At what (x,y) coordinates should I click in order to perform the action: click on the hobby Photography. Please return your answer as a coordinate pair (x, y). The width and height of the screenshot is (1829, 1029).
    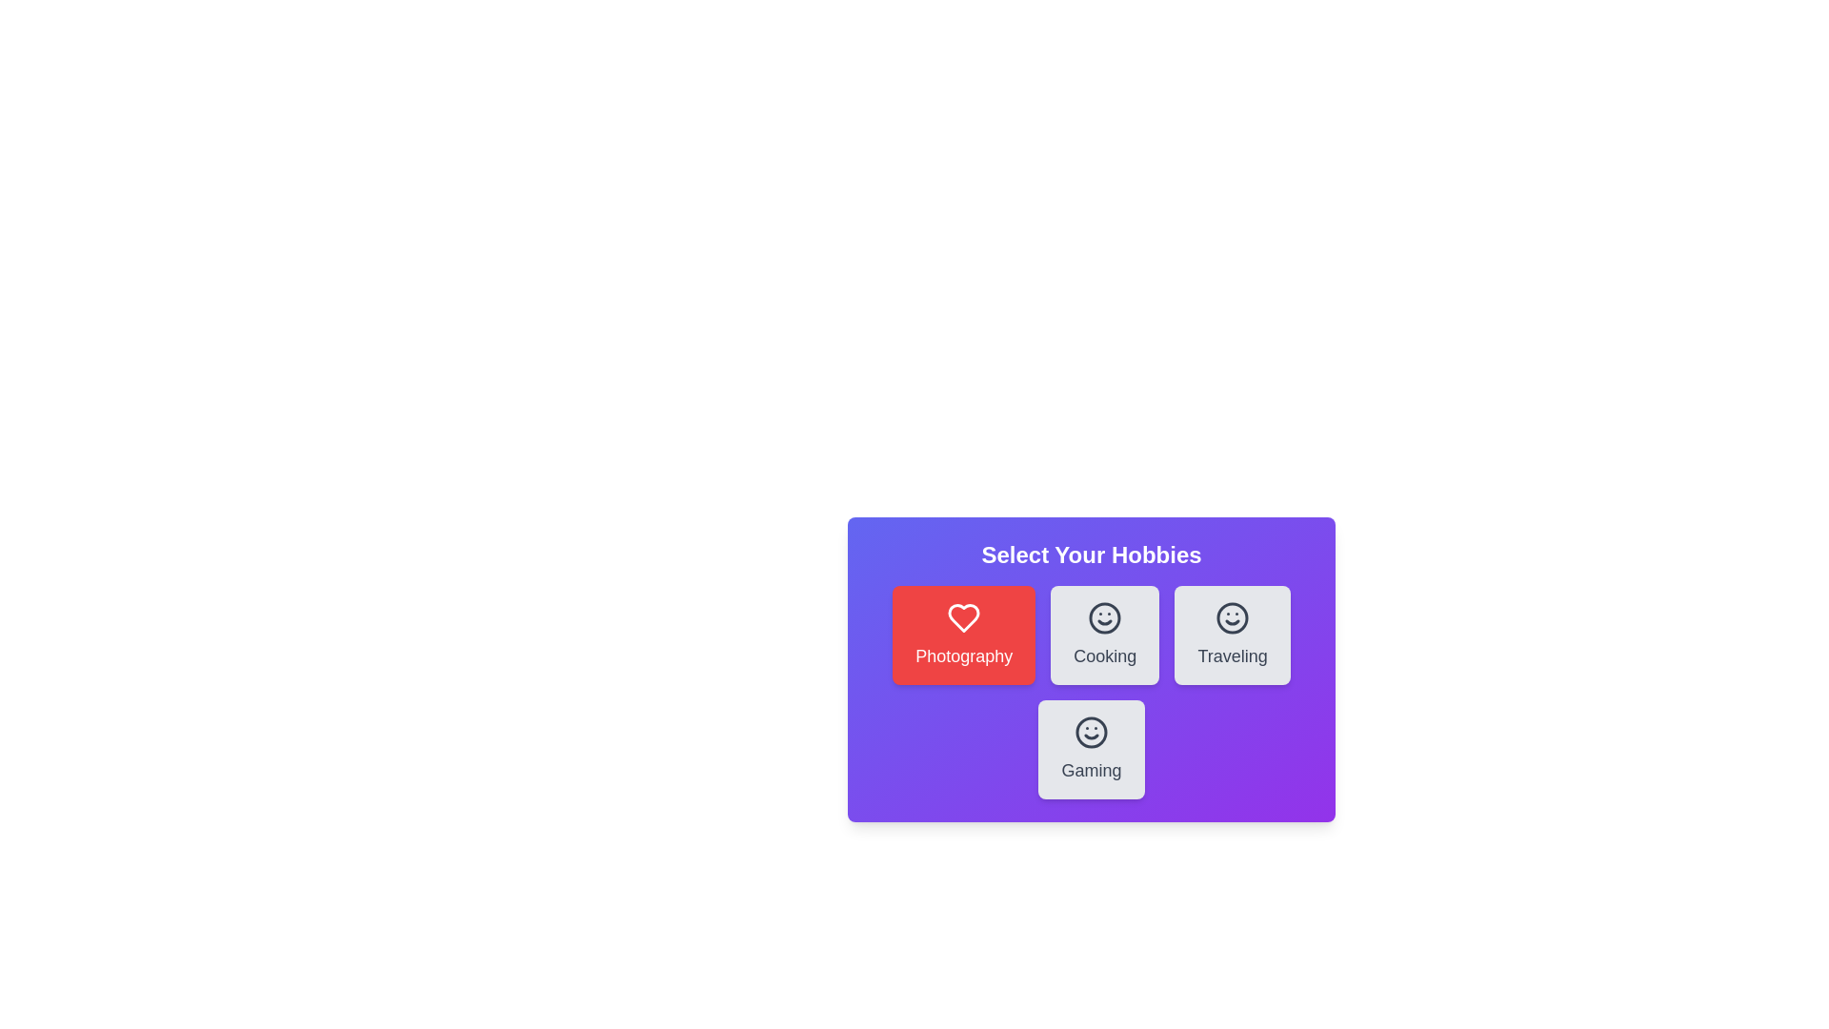
    Looking at the image, I should click on (964, 636).